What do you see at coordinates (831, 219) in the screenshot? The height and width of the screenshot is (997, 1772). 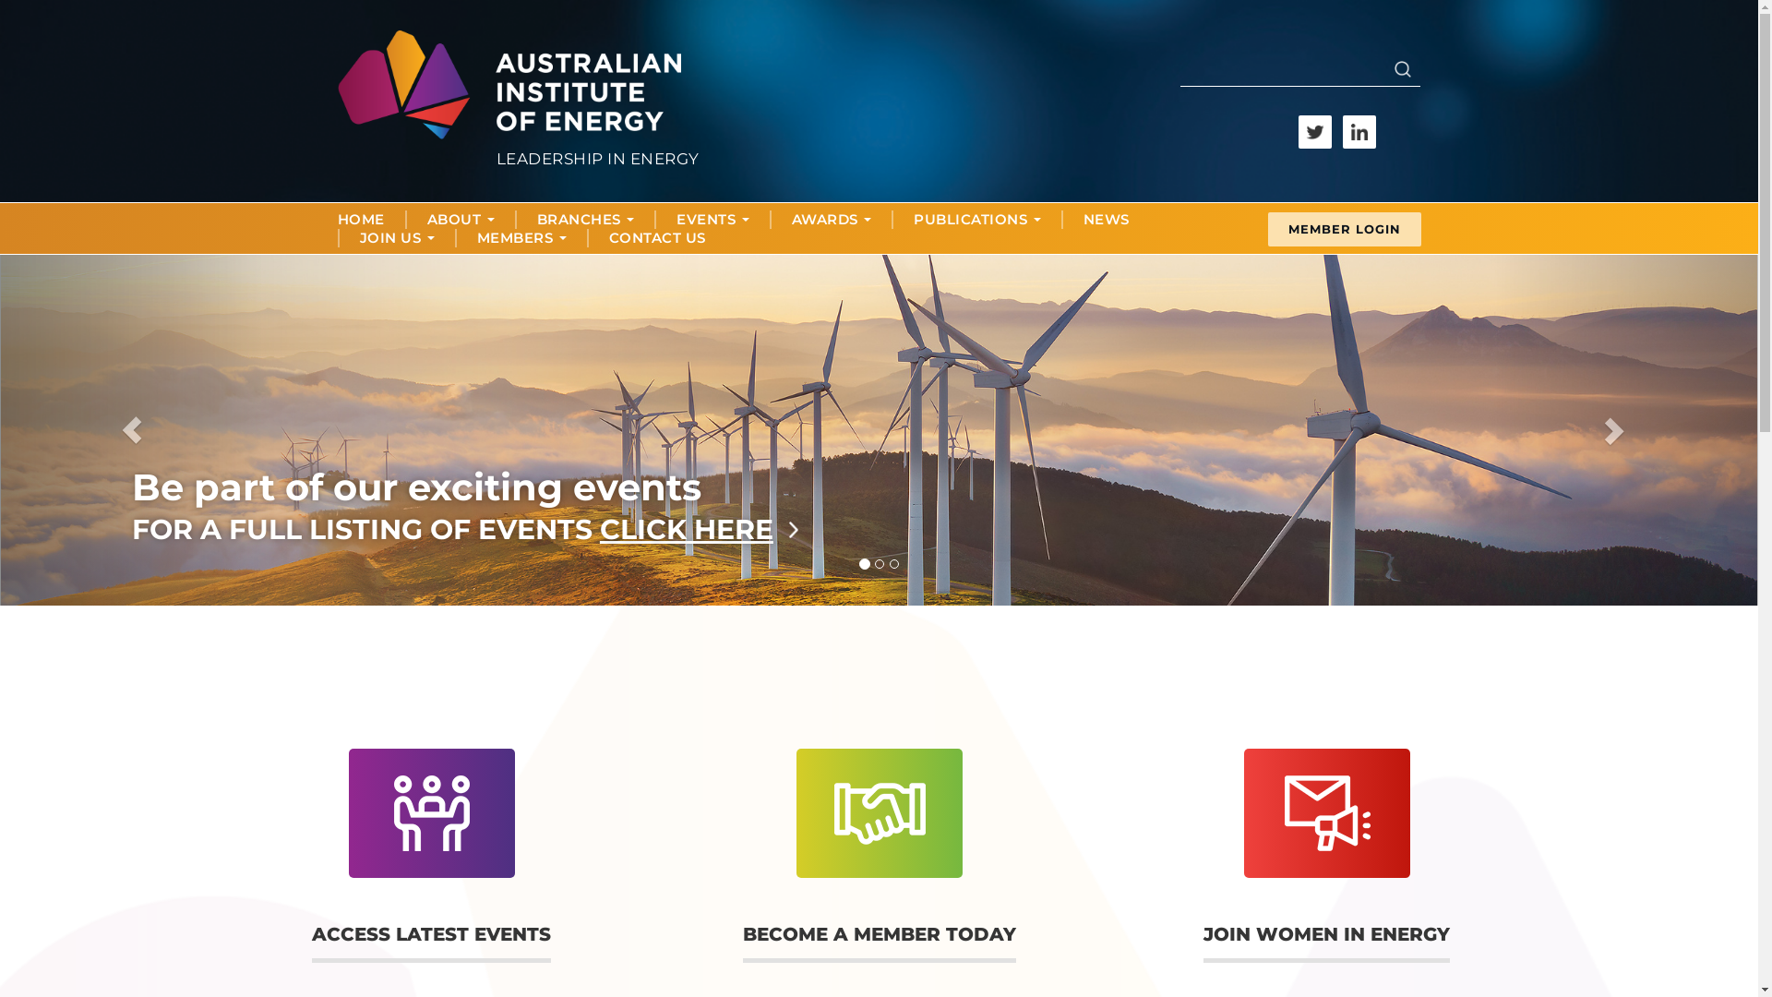 I see `'AWARDS'` at bounding box center [831, 219].